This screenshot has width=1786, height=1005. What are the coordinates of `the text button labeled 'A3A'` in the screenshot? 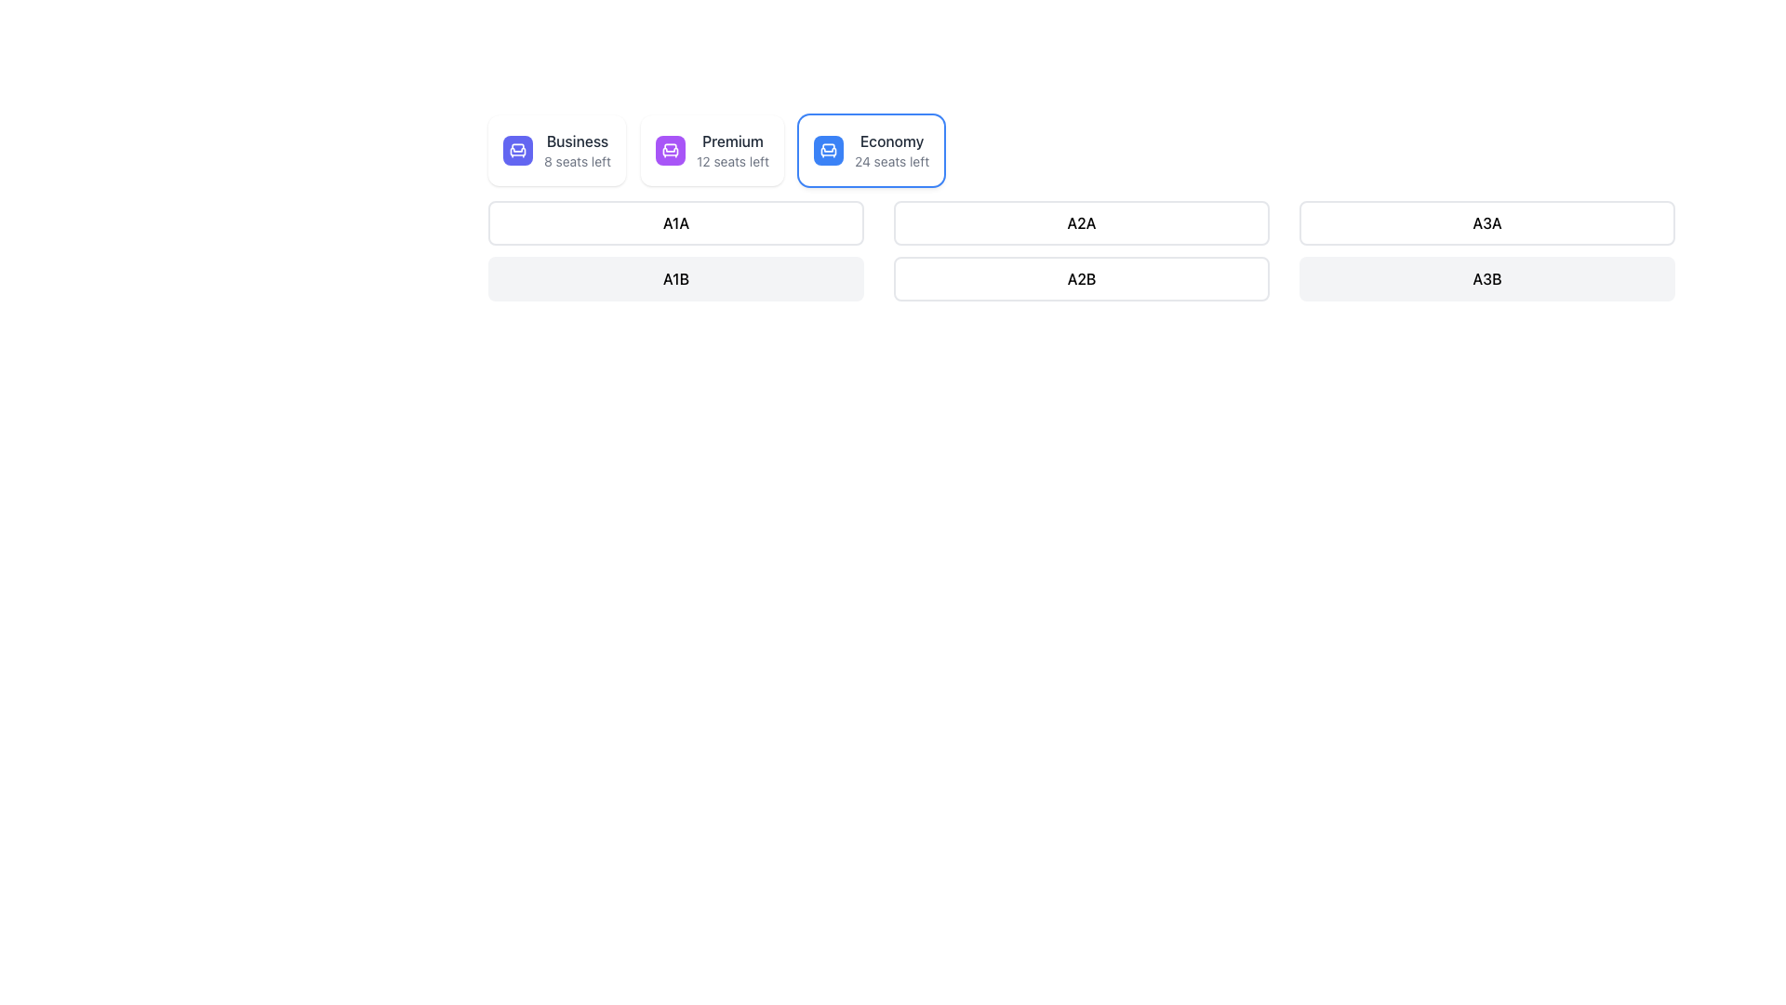 It's located at (1486, 221).